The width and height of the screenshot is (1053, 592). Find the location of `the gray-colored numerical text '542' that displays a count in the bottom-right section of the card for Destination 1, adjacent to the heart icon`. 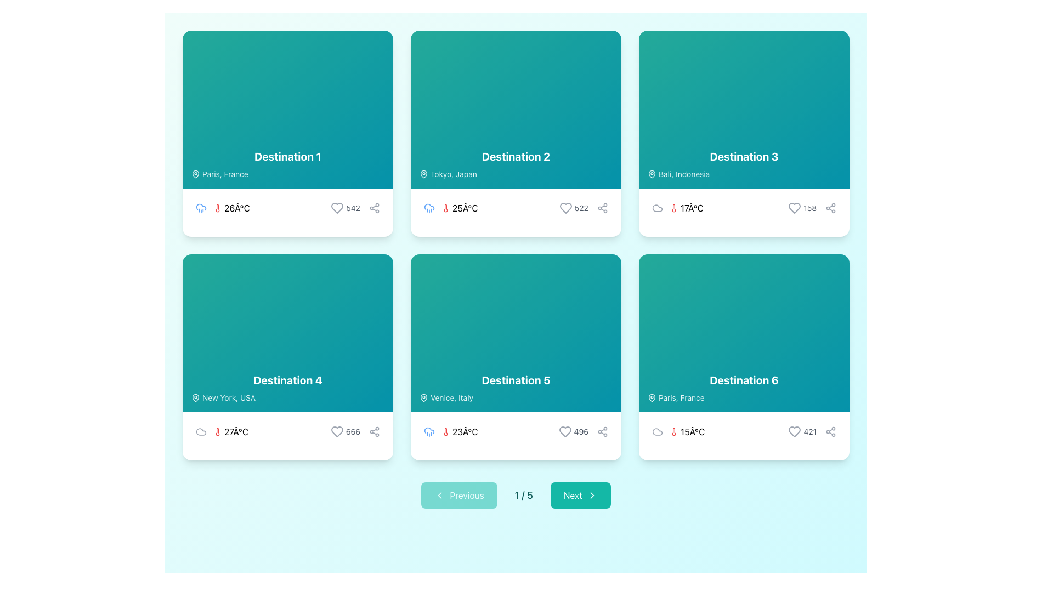

the gray-colored numerical text '542' that displays a count in the bottom-right section of the card for Destination 1, adjacent to the heart icon is located at coordinates (353, 208).